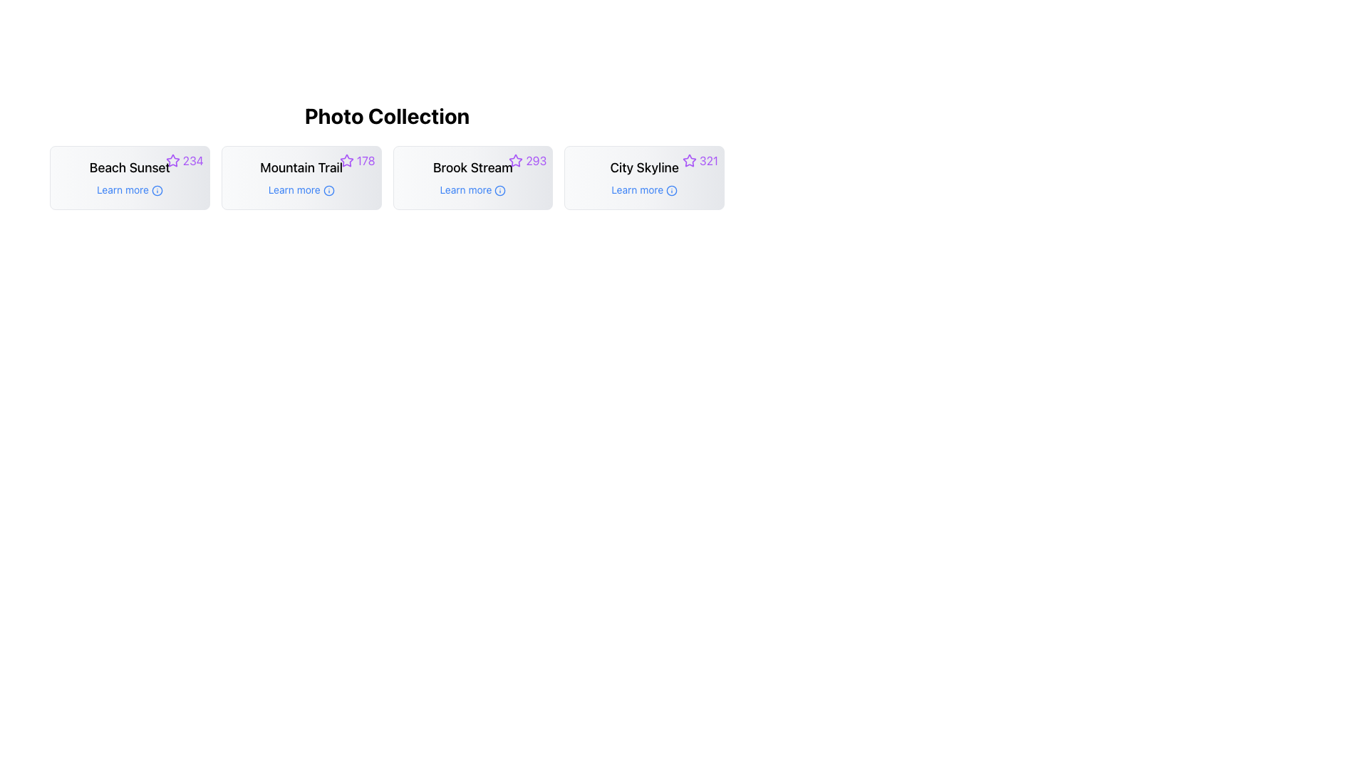 The image size is (1368, 769). I want to click on the 'Learn more' link in the card titled 'Brook Stream', so click(472, 177).